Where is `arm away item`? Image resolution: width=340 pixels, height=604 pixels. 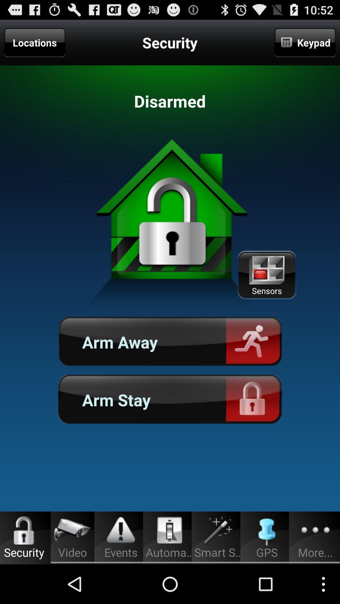
arm away item is located at coordinates (170, 342).